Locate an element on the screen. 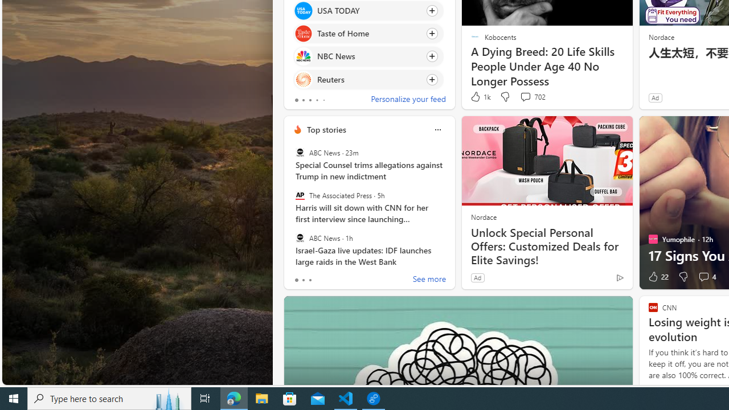 This screenshot has width=729, height=410. 'Personalize your feed' is located at coordinates (408, 100).